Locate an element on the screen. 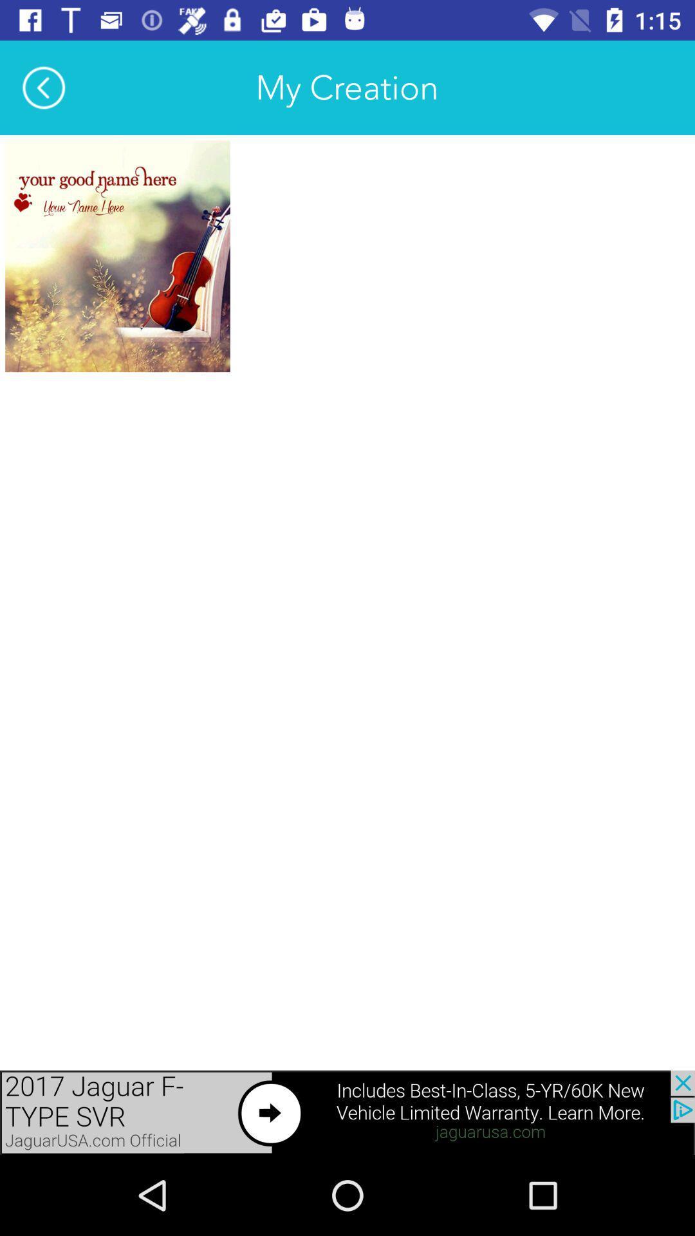 The height and width of the screenshot is (1236, 695). open this creation is located at coordinates (117, 256).